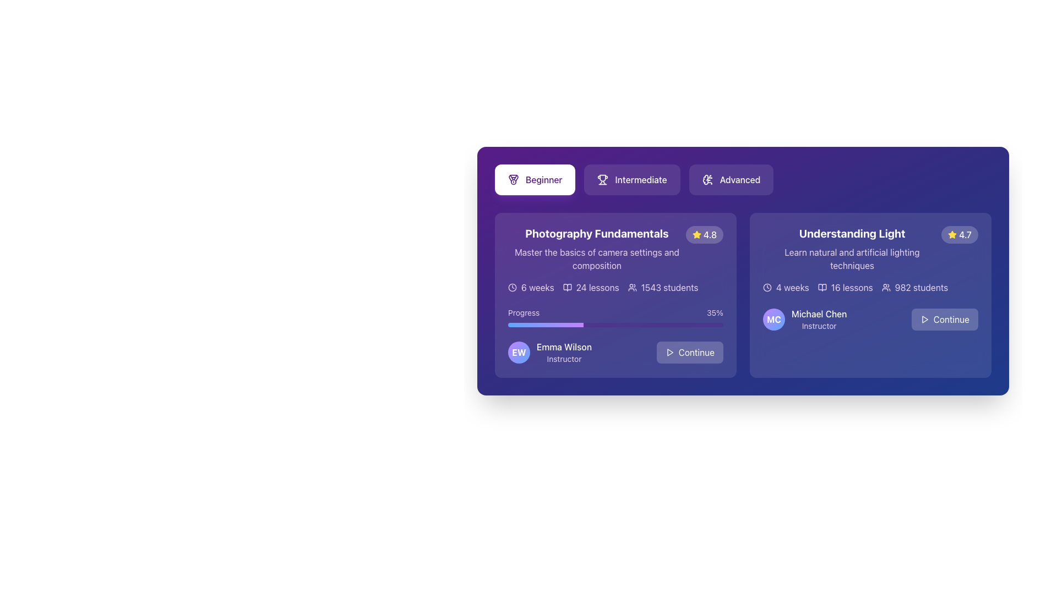 This screenshot has height=594, width=1057. Describe the element at coordinates (669, 352) in the screenshot. I see `the small triangular play icon with a thin outline, located to the left of the 'Continue' text within the rounded button labeled 'Continue'` at that location.